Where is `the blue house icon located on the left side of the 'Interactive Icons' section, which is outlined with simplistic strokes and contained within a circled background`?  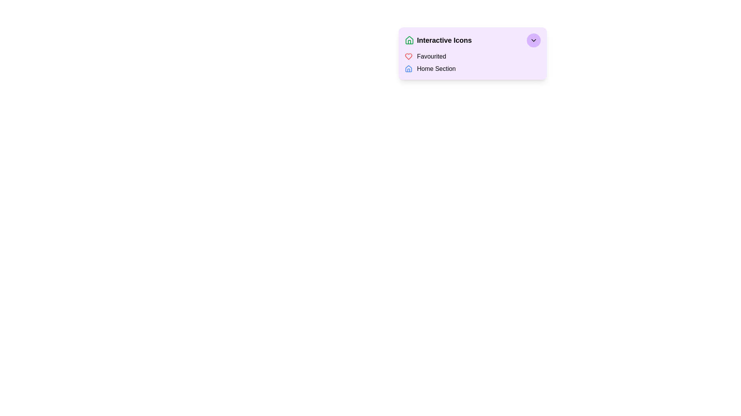
the blue house icon located on the left side of the 'Interactive Icons' section, which is outlined with simplistic strokes and contained within a circled background is located at coordinates (408, 68).